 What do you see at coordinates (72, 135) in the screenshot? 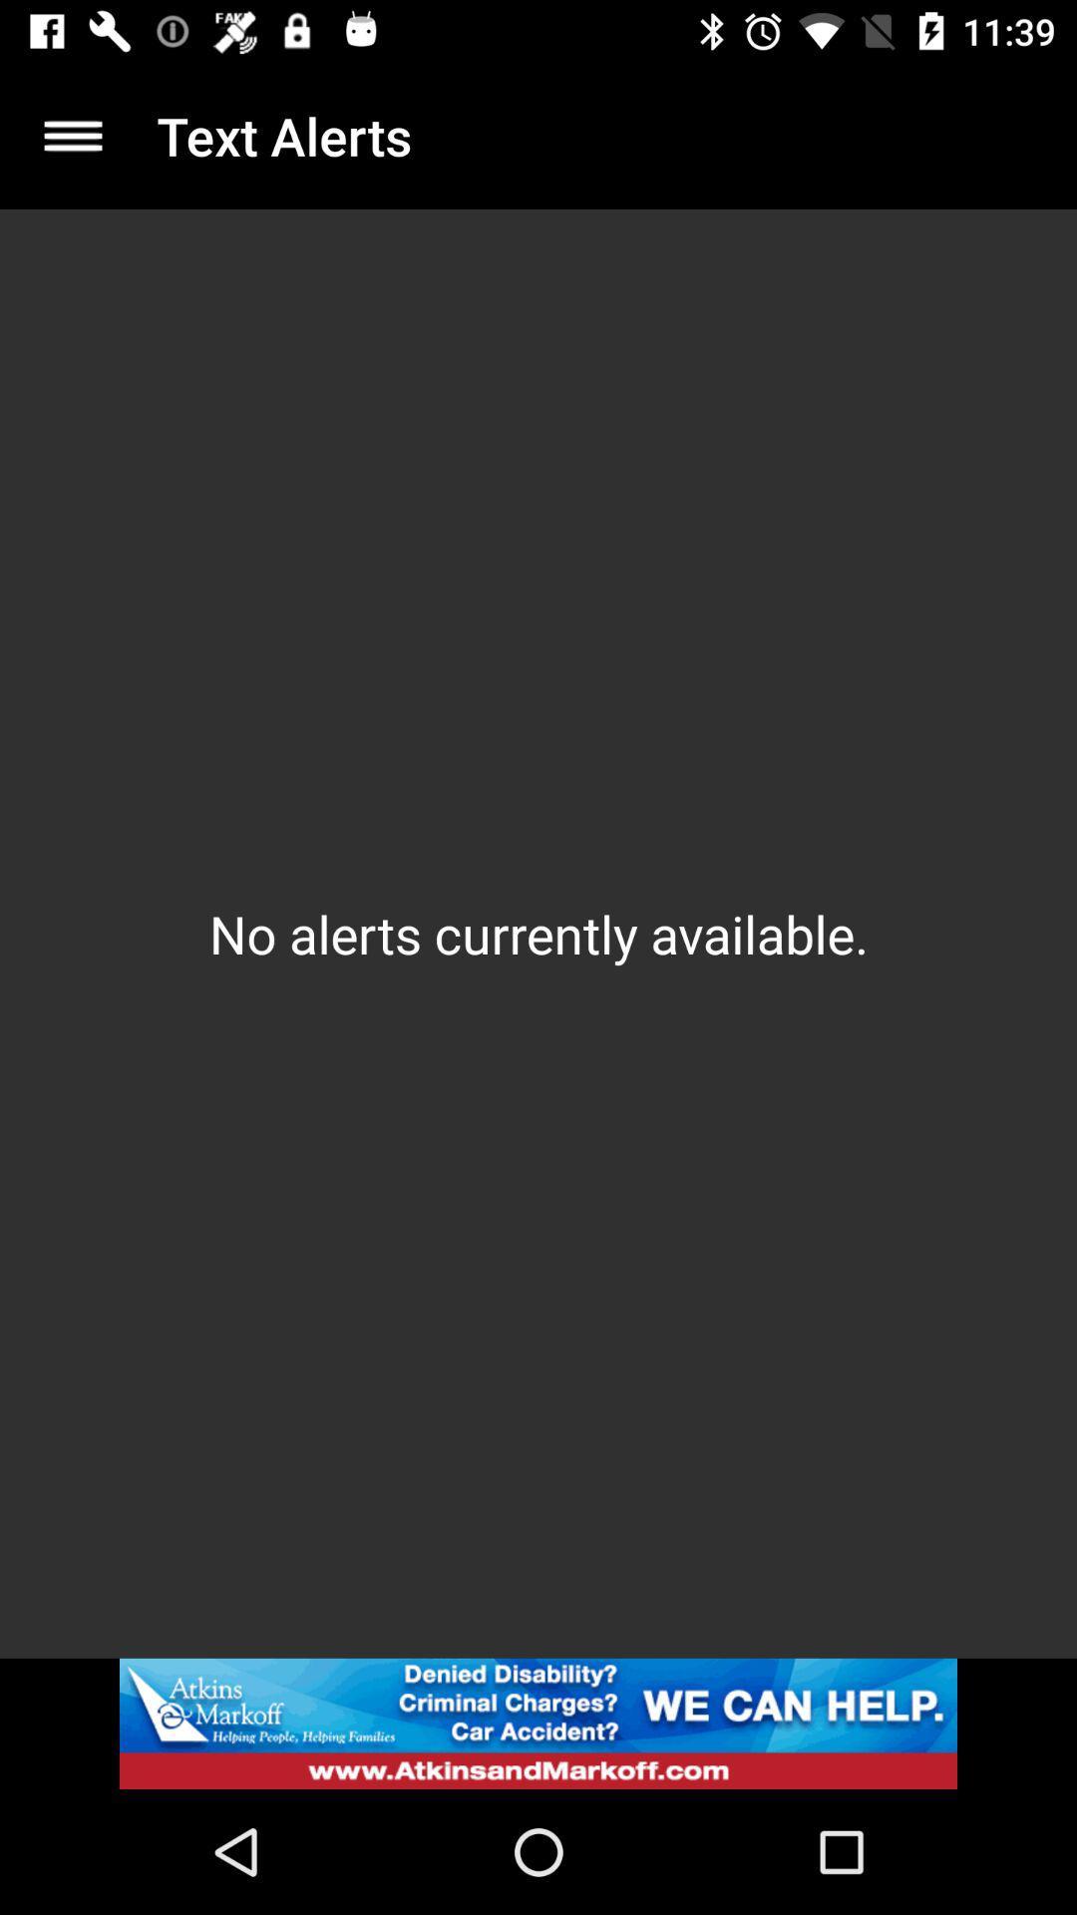
I see `open menu` at bounding box center [72, 135].